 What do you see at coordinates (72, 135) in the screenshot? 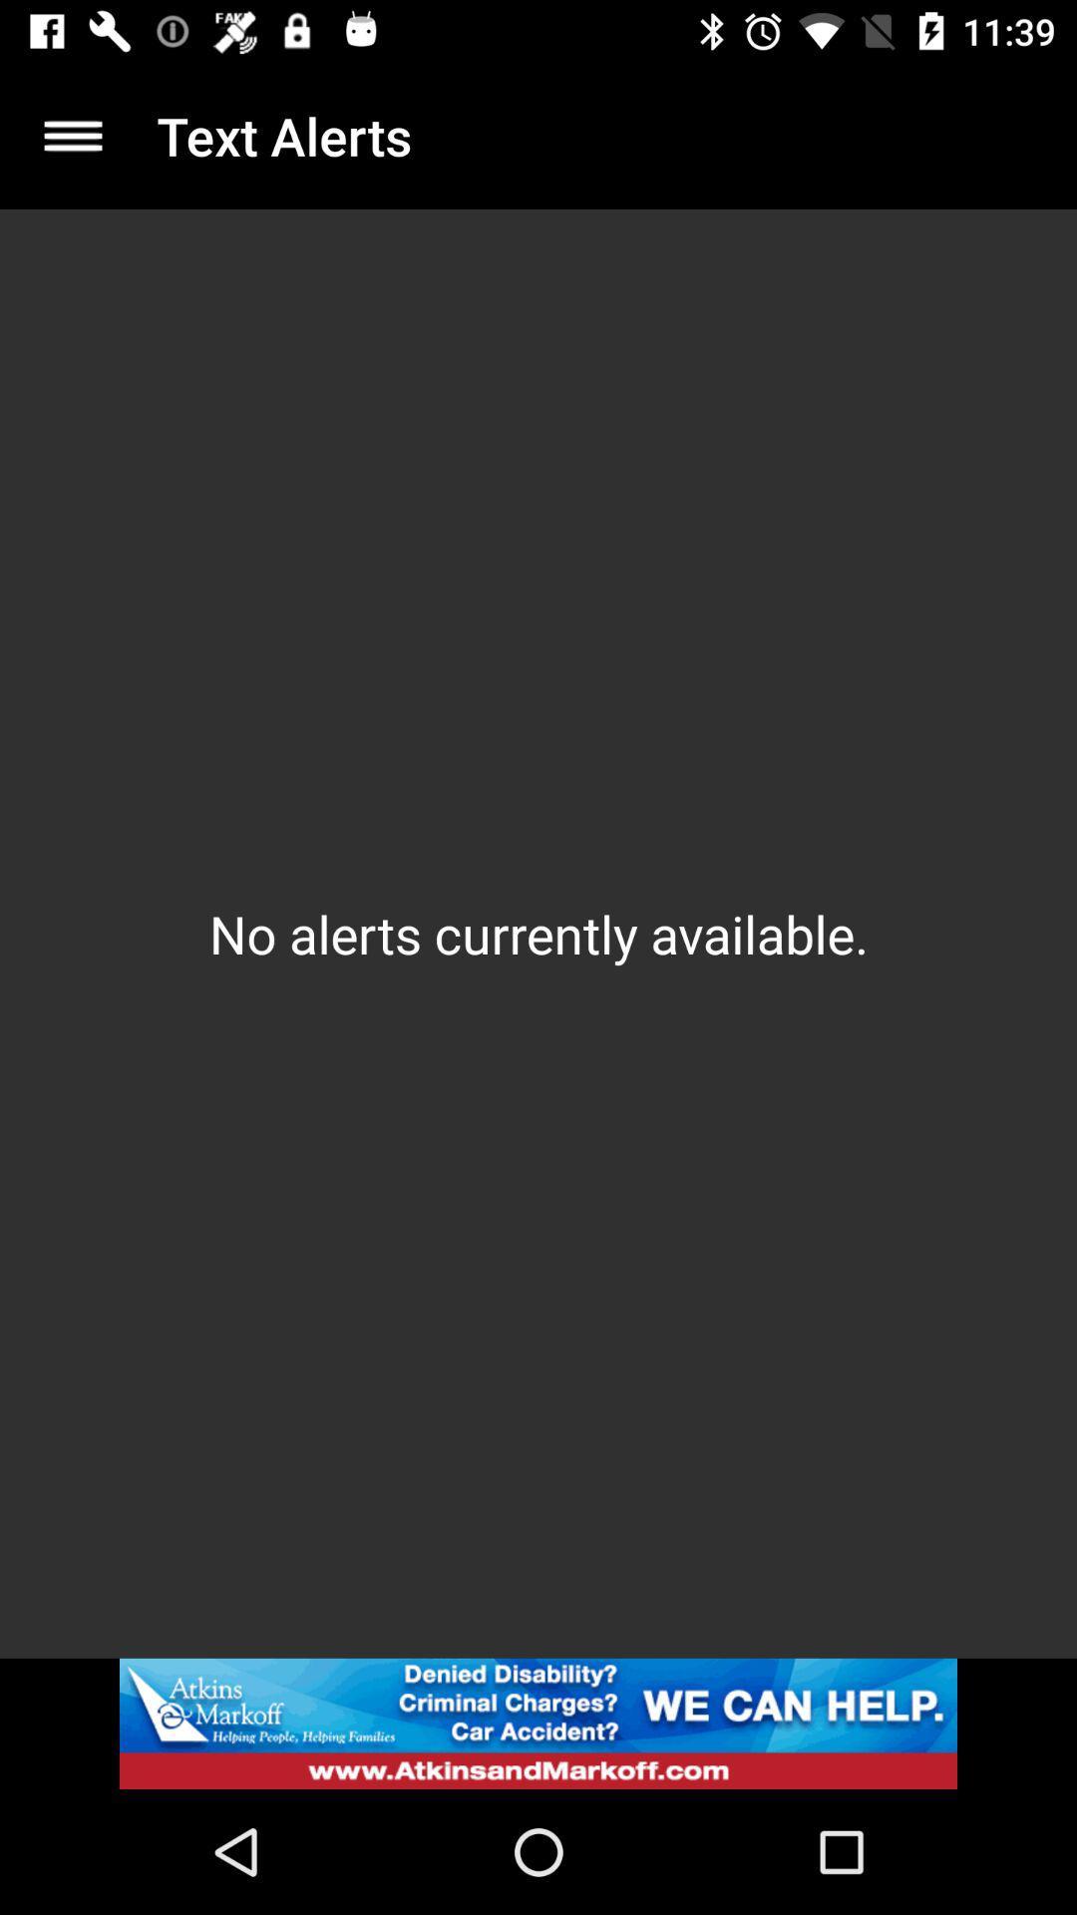
I see `open menu` at bounding box center [72, 135].